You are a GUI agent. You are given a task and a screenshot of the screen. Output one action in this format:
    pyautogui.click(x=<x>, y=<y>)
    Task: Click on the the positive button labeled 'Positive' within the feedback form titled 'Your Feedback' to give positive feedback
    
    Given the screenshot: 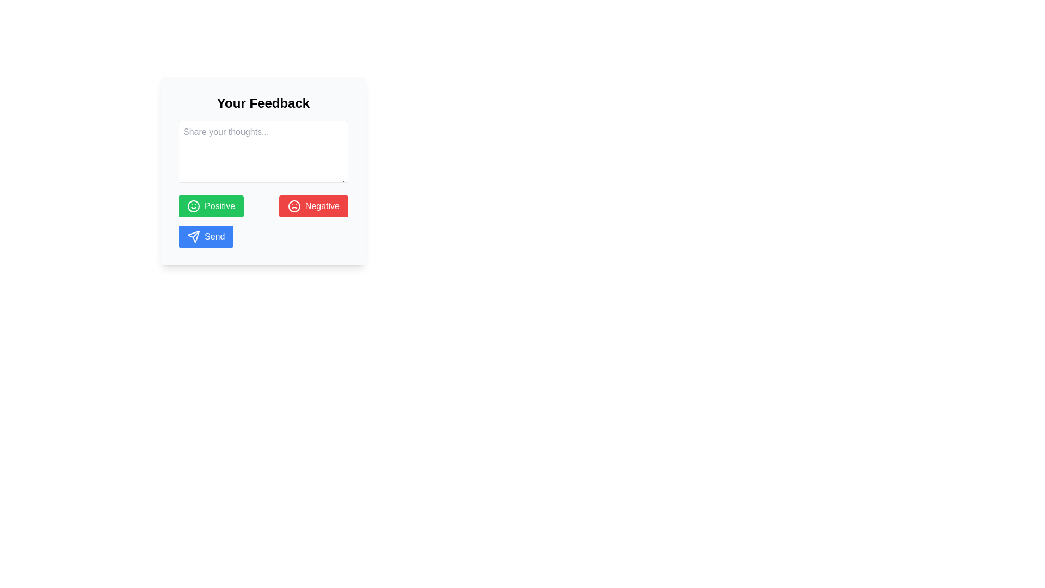 What is the action you would take?
    pyautogui.click(x=263, y=206)
    